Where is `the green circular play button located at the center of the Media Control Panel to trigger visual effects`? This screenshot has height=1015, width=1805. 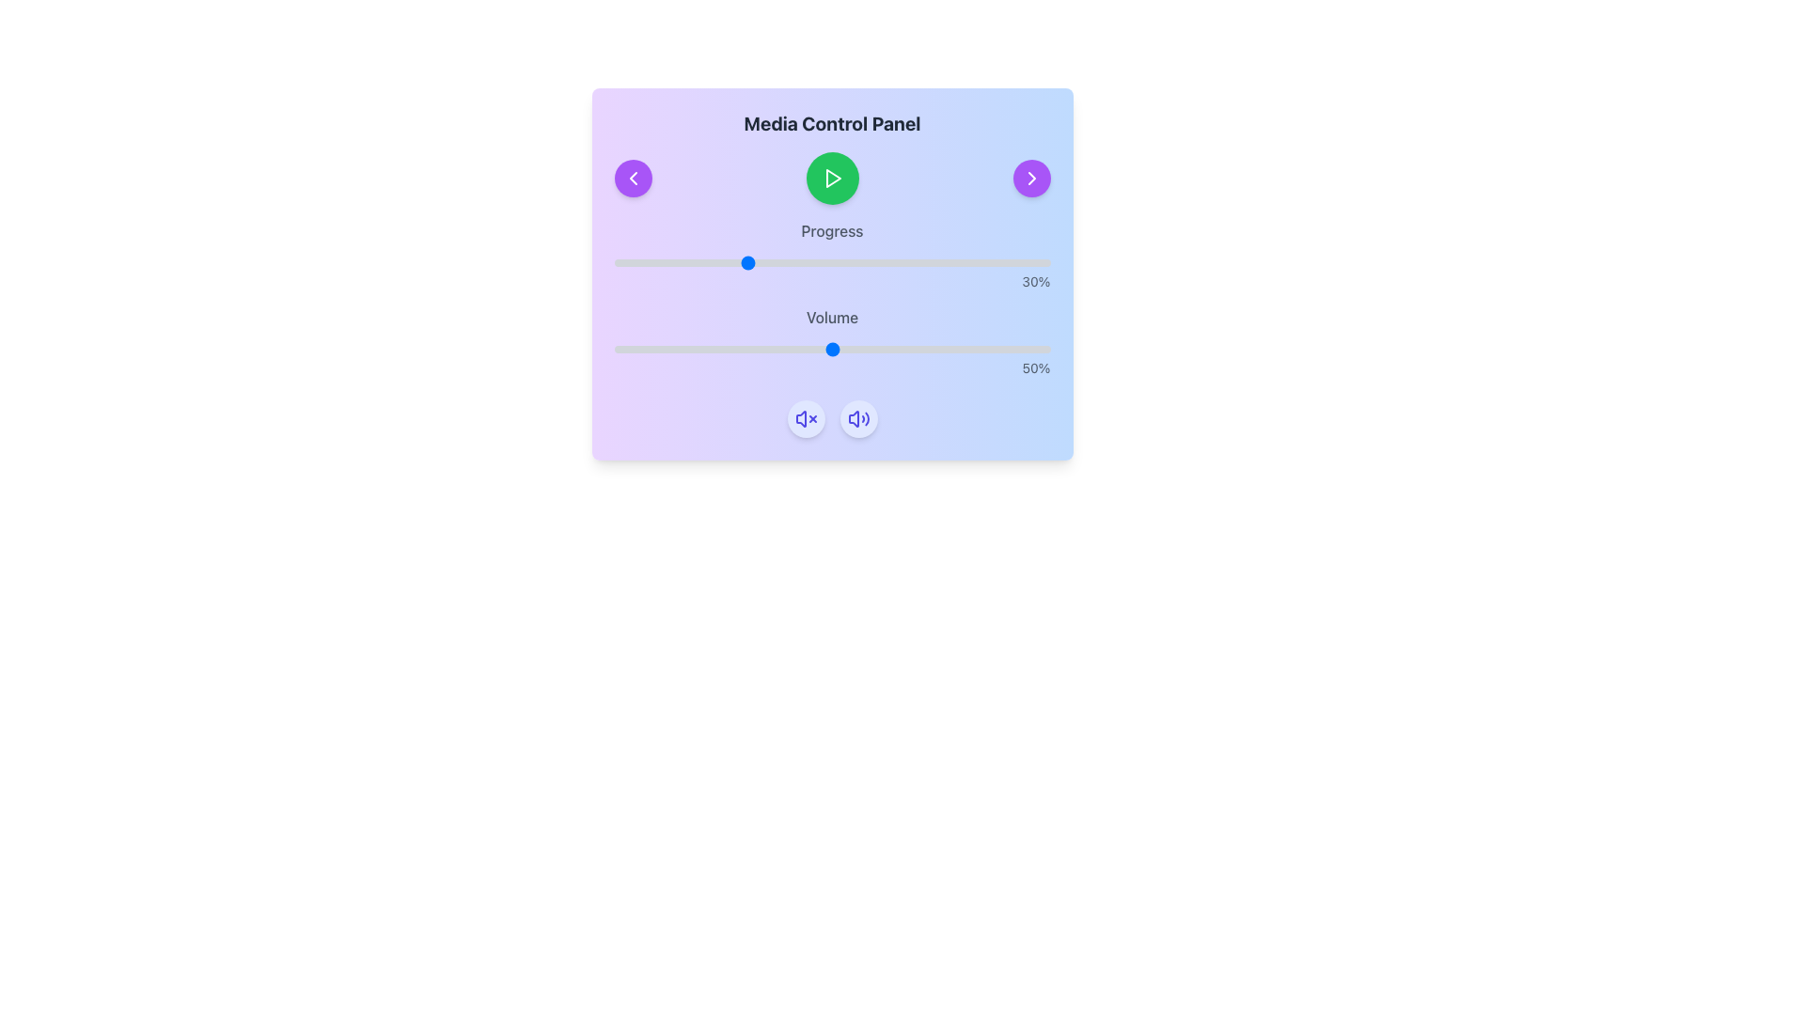
the green circular play button located at the center of the Media Control Panel to trigger visual effects is located at coordinates (831, 178).